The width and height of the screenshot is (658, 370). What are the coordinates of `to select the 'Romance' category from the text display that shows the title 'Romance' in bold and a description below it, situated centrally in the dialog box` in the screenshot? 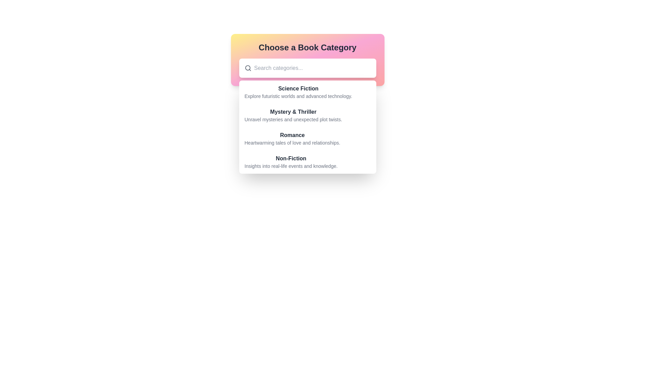 It's located at (307, 139).